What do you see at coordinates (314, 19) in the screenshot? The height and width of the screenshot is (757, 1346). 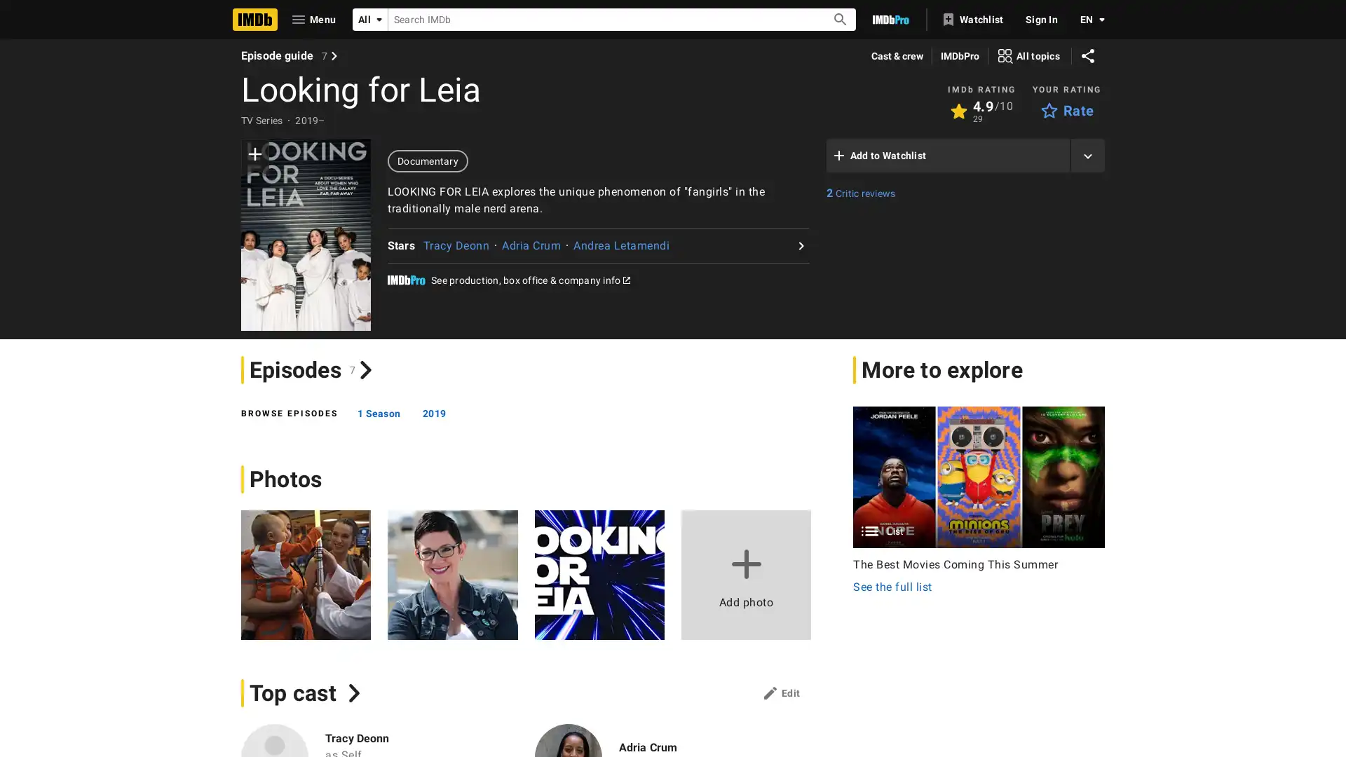 I see `Open Navigation Drawer` at bounding box center [314, 19].